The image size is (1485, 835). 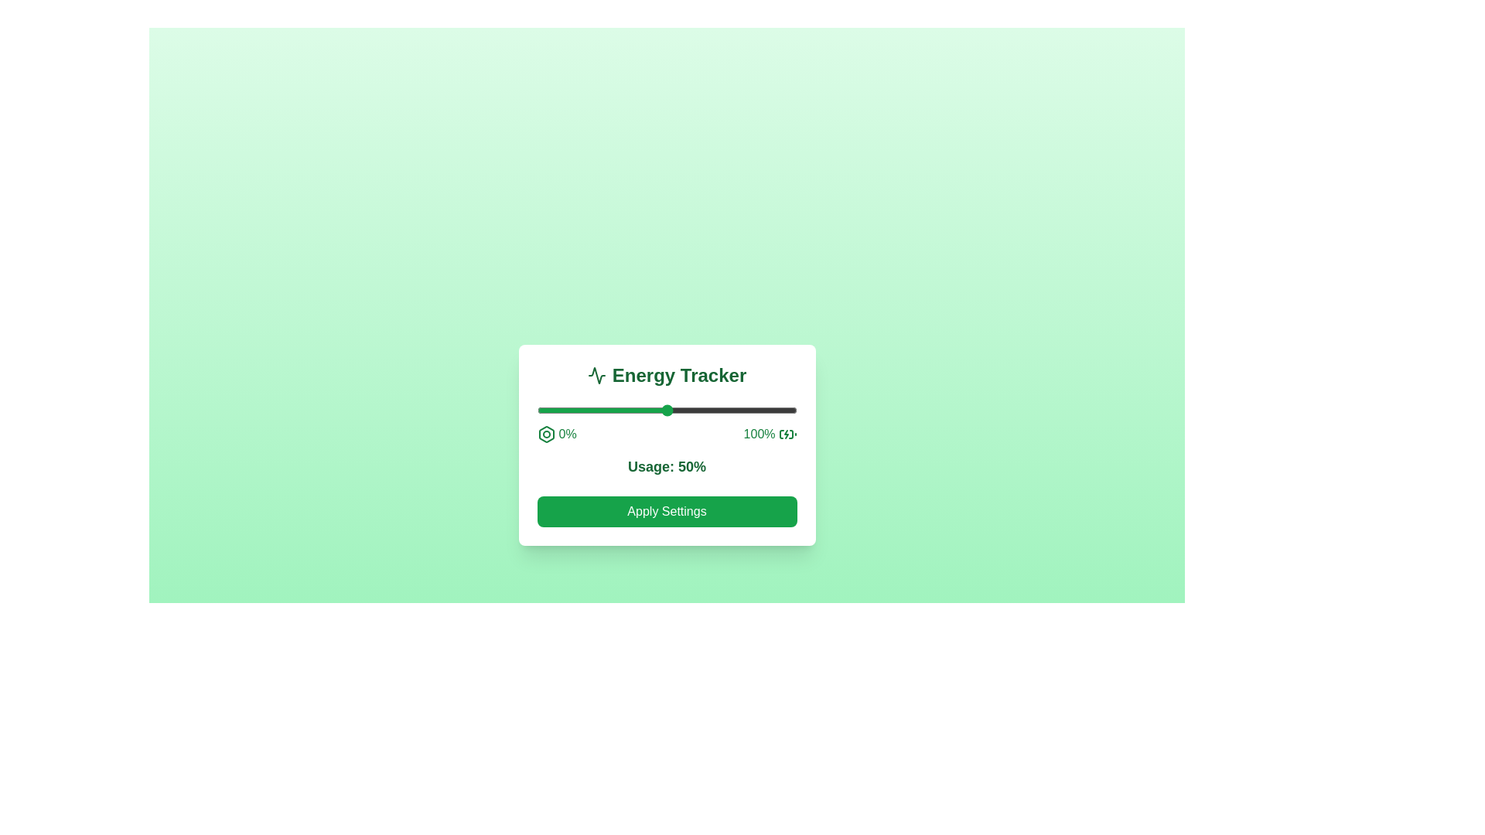 What do you see at coordinates (546, 435) in the screenshot?
I see `the icon near the slider representing 0% energy usage` at bounding box center [546, 435].